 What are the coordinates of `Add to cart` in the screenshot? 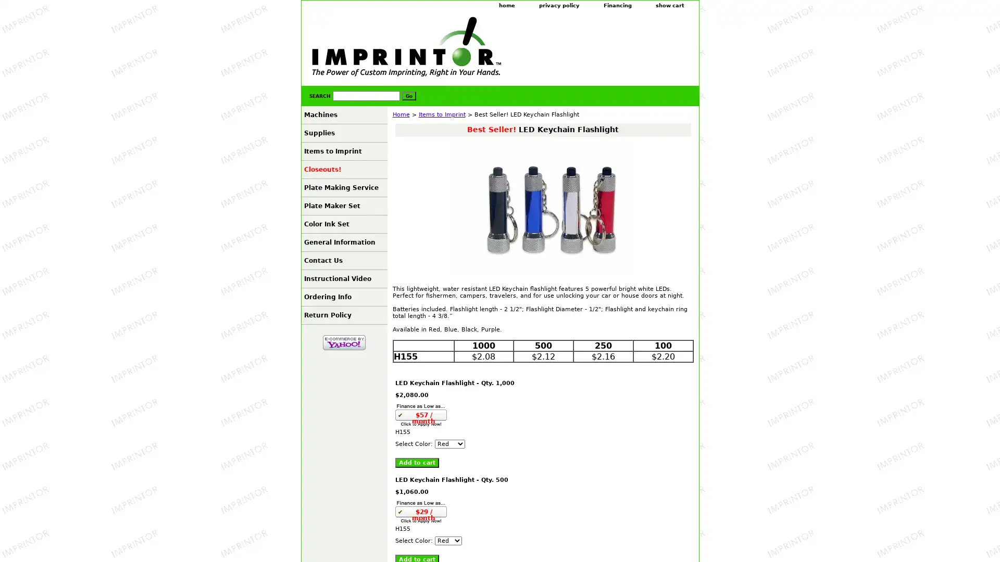 It's located at (417, 462).